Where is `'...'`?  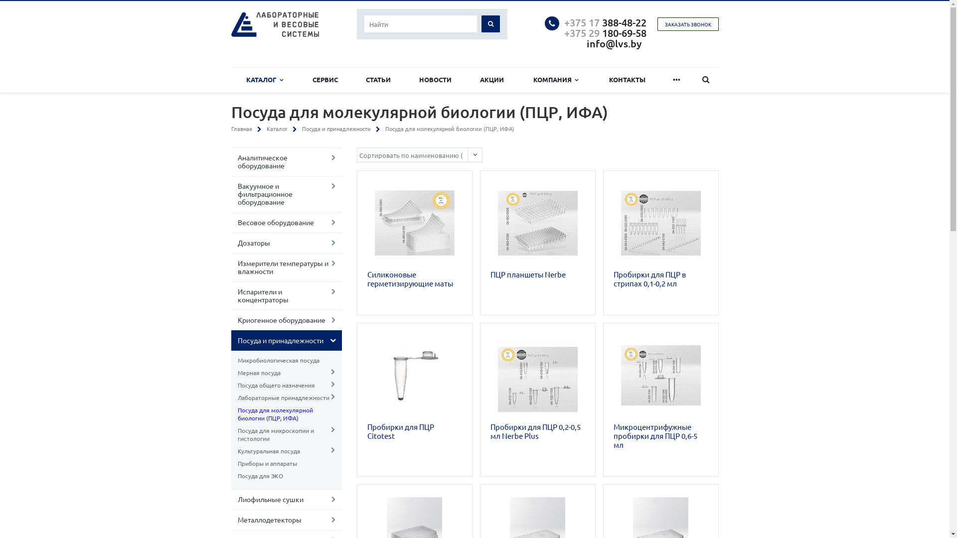 '...' is located at coordinates (676, 79).